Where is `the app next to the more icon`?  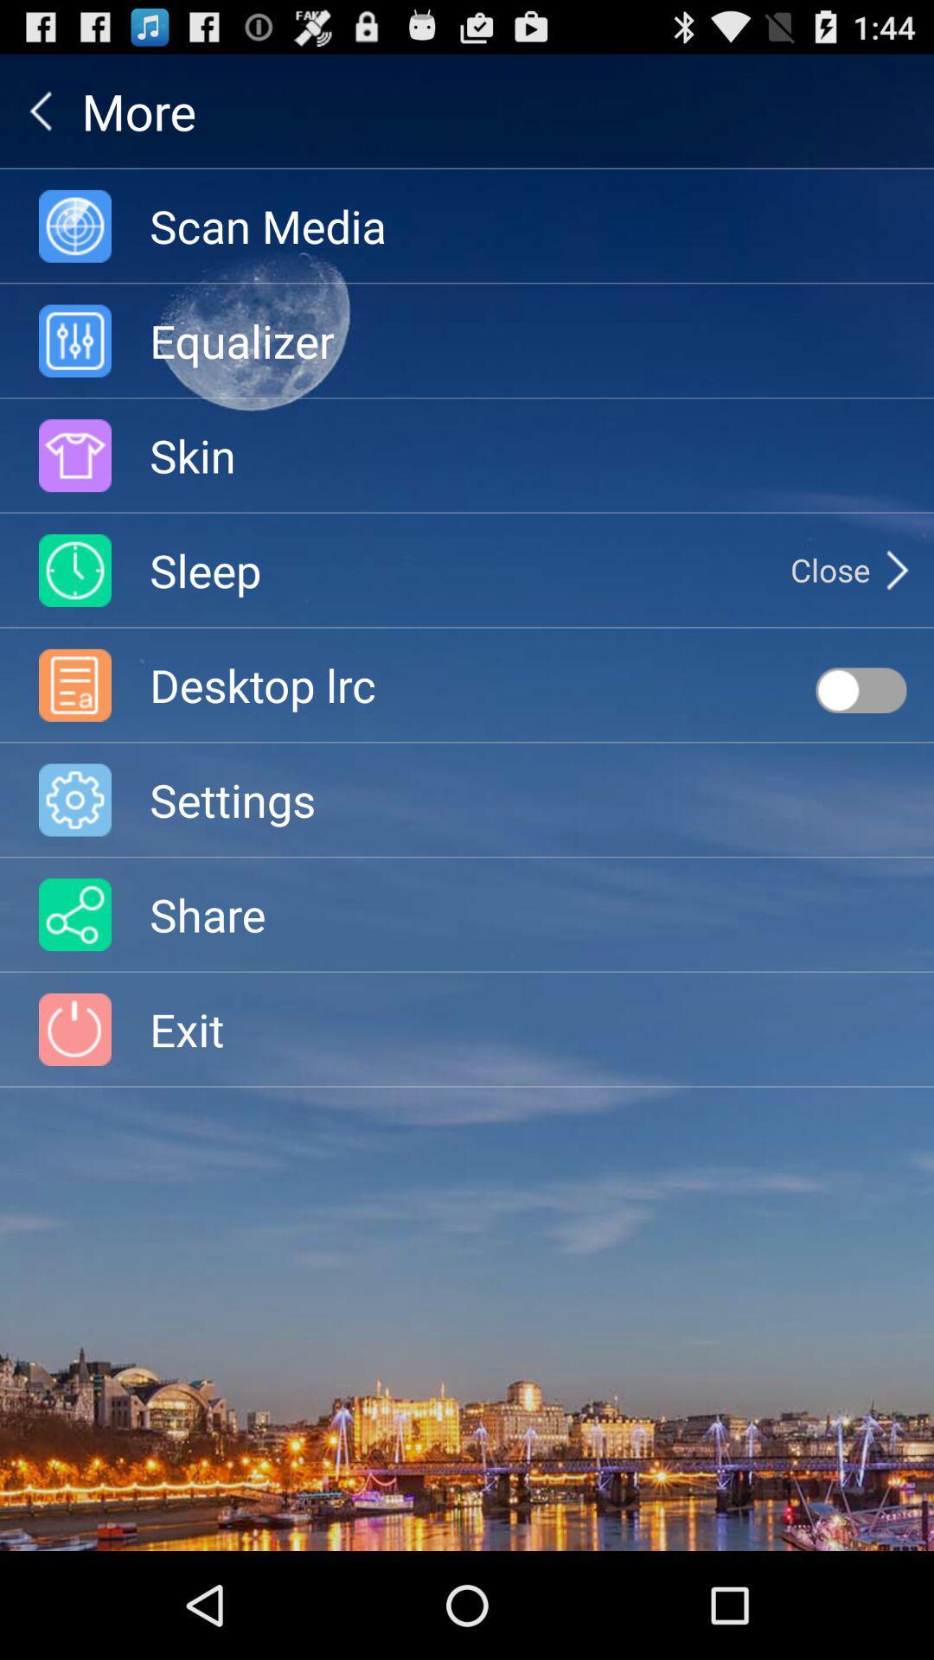 the app next to the more icon is located at coordinates (40, 110).